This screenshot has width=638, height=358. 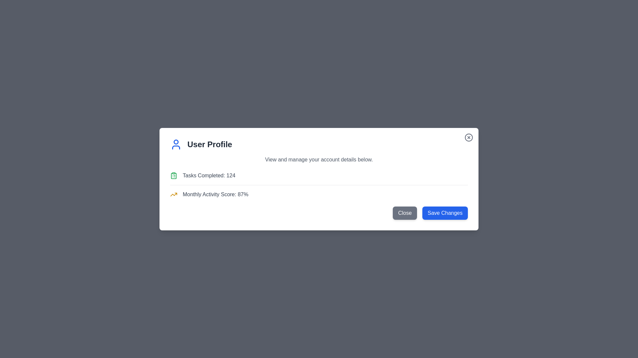 What do you see at coordinates (209, 144) in the screenshot?
I see `the 'User Profile' text heading, which is a bold, large, dark gray title located prominently at the top of the main content area, positioned to the right of an SVG user icon` at bounding box center [209, 144].